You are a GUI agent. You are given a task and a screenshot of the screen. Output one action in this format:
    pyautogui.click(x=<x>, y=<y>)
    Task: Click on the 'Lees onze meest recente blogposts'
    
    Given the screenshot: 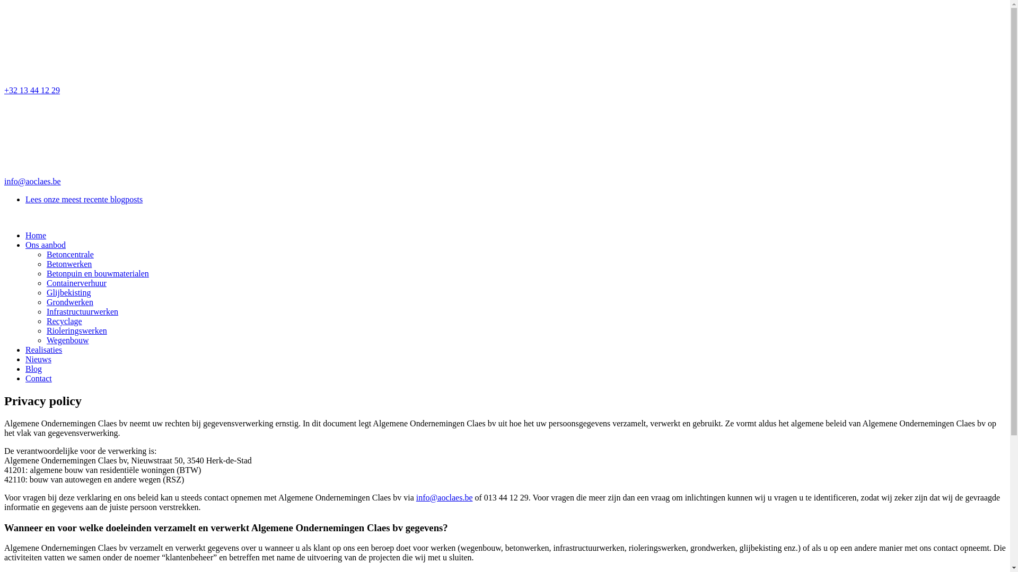 What is the action you would take?
    pyautogui.click(x=83, y=199)
    